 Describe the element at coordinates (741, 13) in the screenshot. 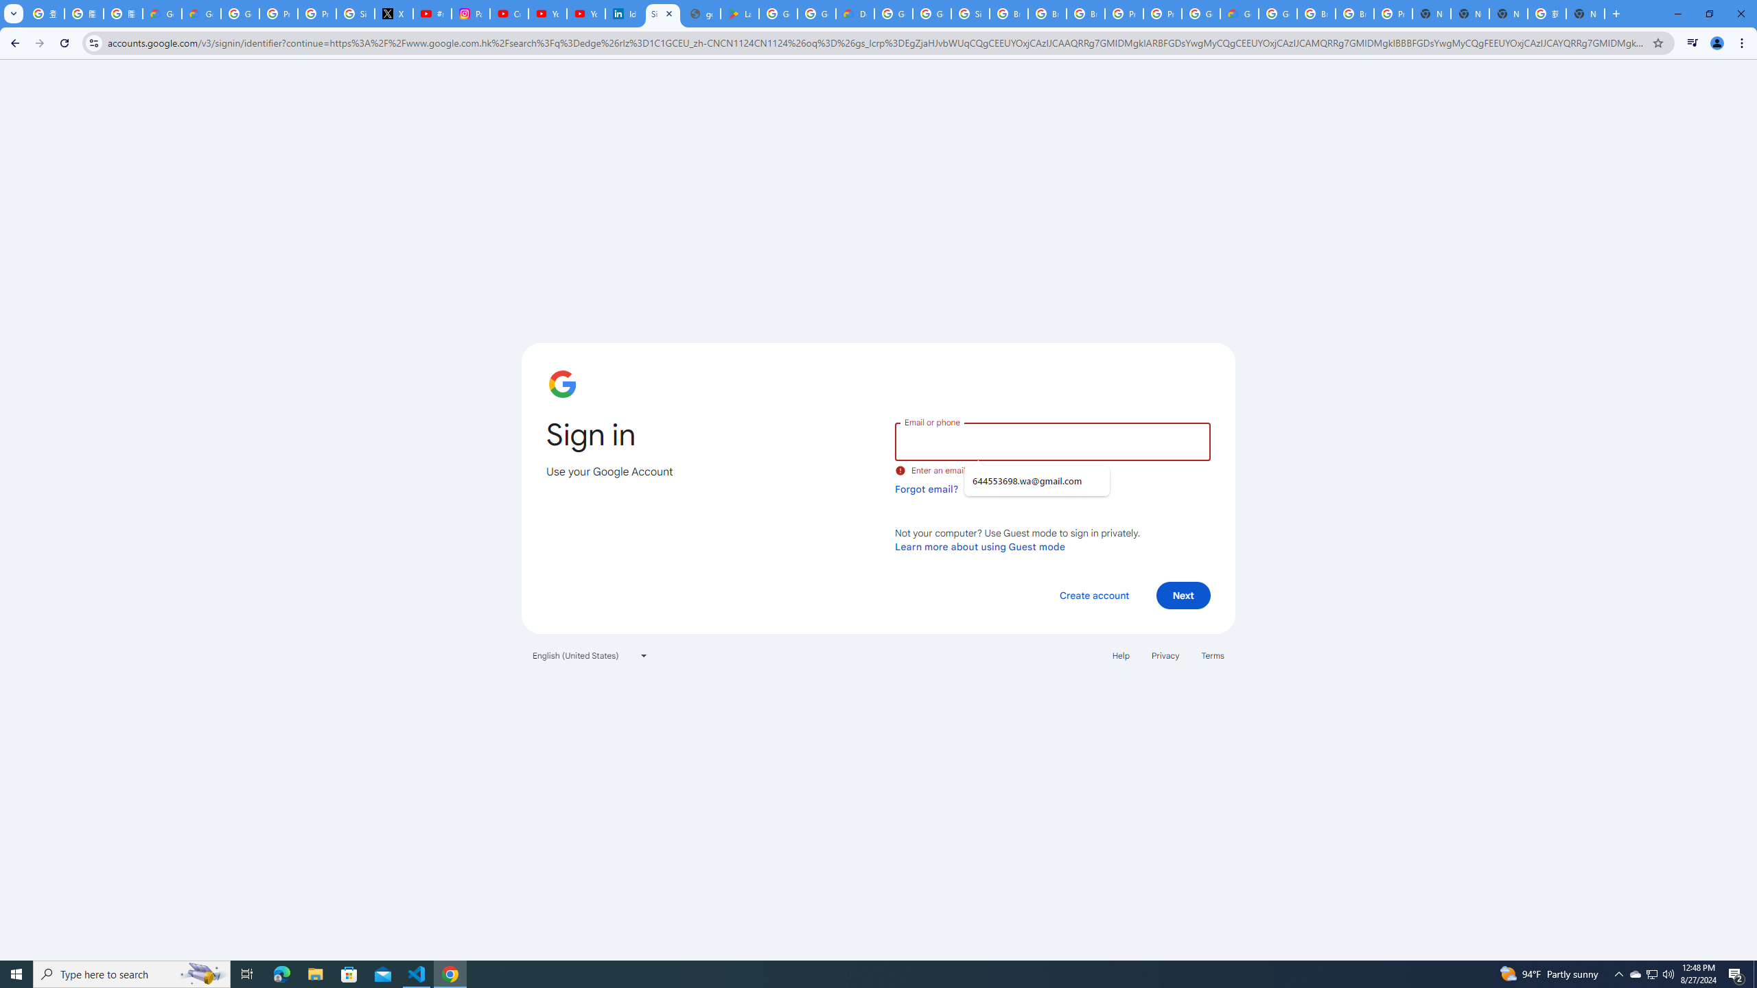

I see `'Last Shelter: Survival - Apps on Google Play'` at that location.